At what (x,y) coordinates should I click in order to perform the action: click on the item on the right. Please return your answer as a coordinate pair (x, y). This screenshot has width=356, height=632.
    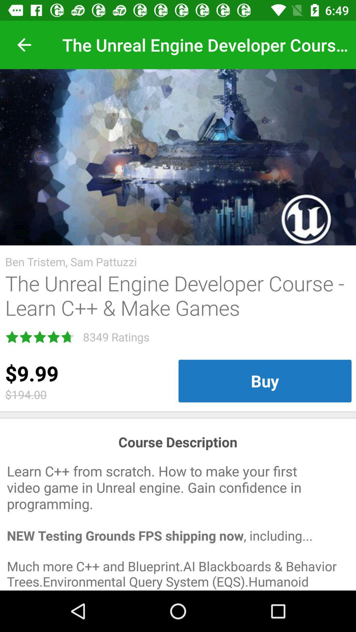
    Looking at the image, I should click on (264, 381).